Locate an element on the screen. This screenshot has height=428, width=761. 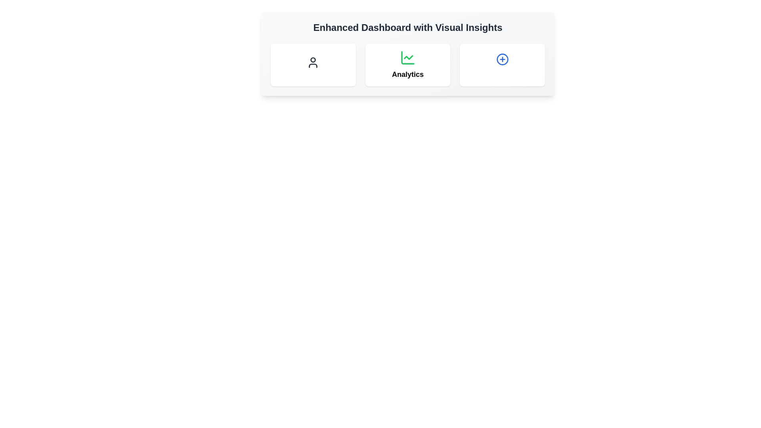
the header text displaying 'Enhanced Dashboard with Visual Insights', which is a bold, large-sized dark gray title located at the top of the page is located at coordinates (407, 27).